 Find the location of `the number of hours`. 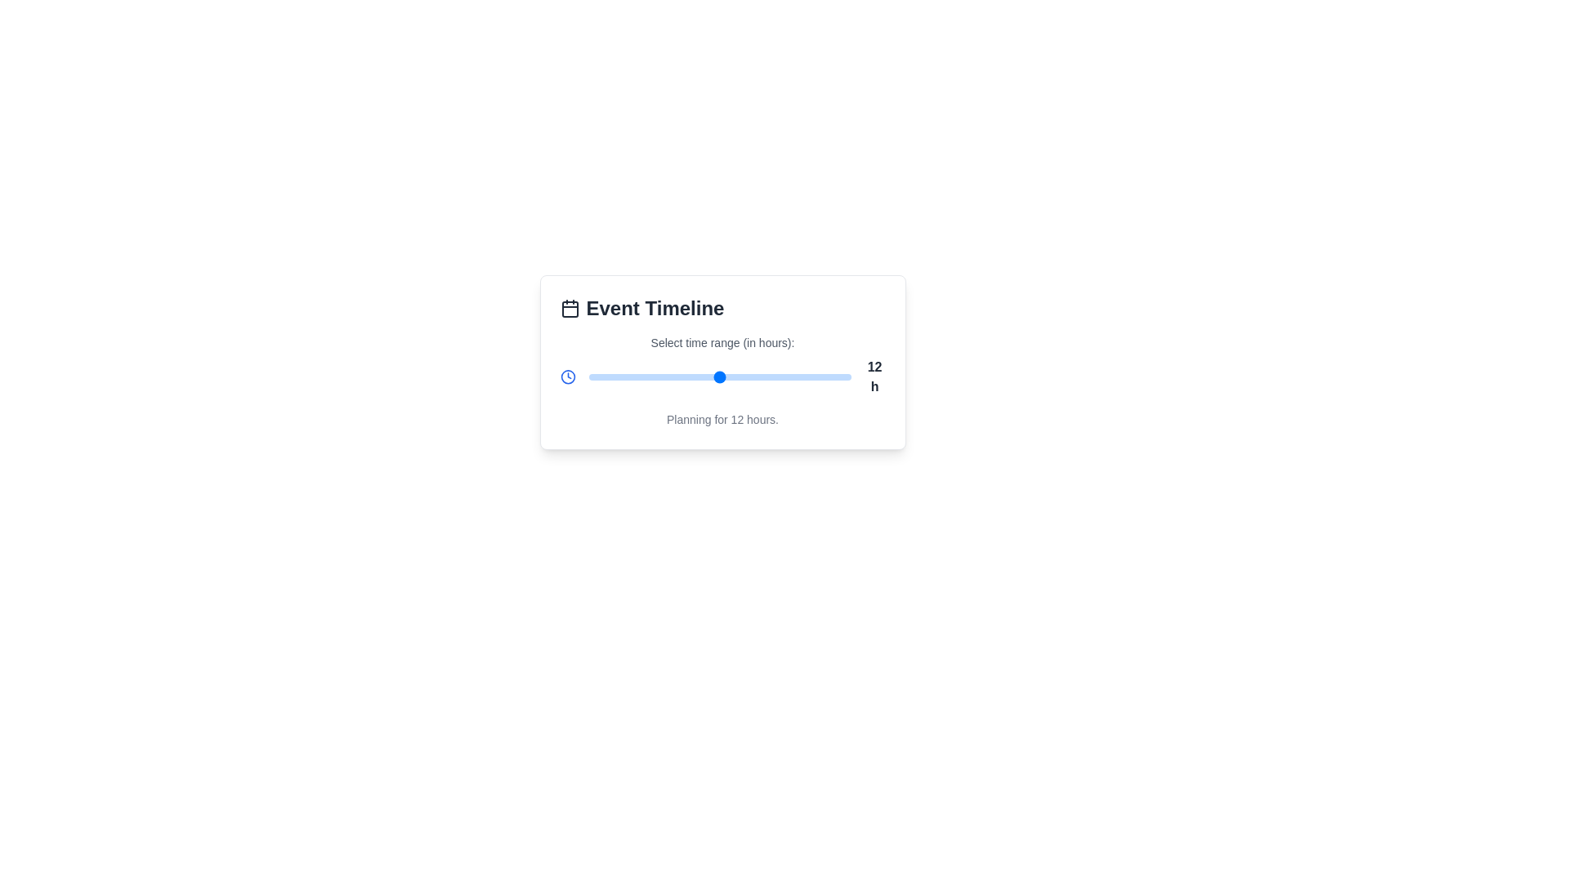

the number of hours is located at coordinates (818, 377).